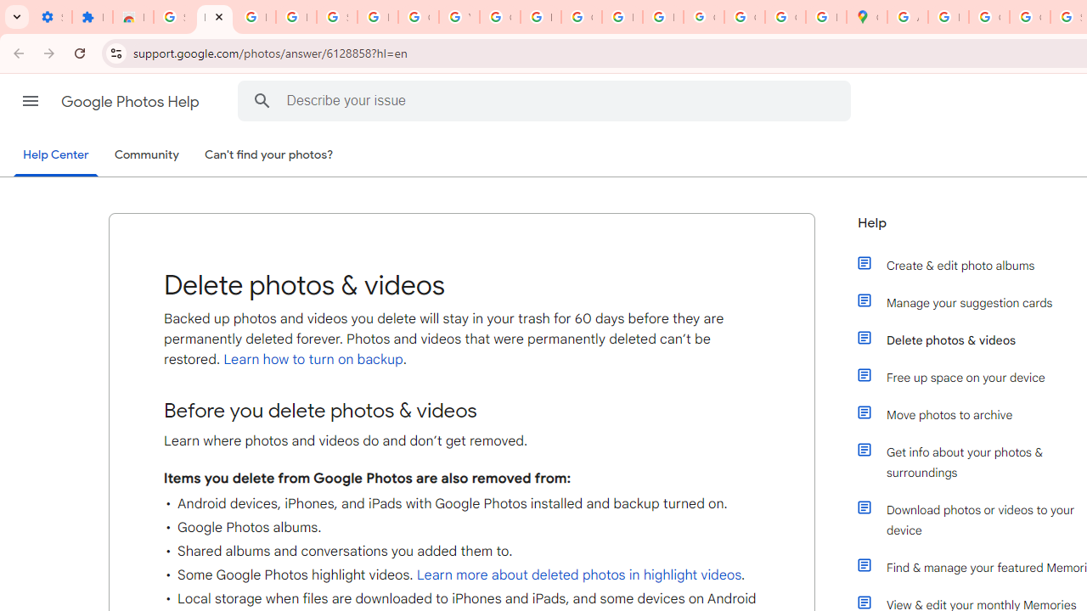 This screenshot has width=1087, height=611. What do you see at coordinates (866, 17) in the screenshot?
I see `'Google Maps'` at bounding box center [866, 17].